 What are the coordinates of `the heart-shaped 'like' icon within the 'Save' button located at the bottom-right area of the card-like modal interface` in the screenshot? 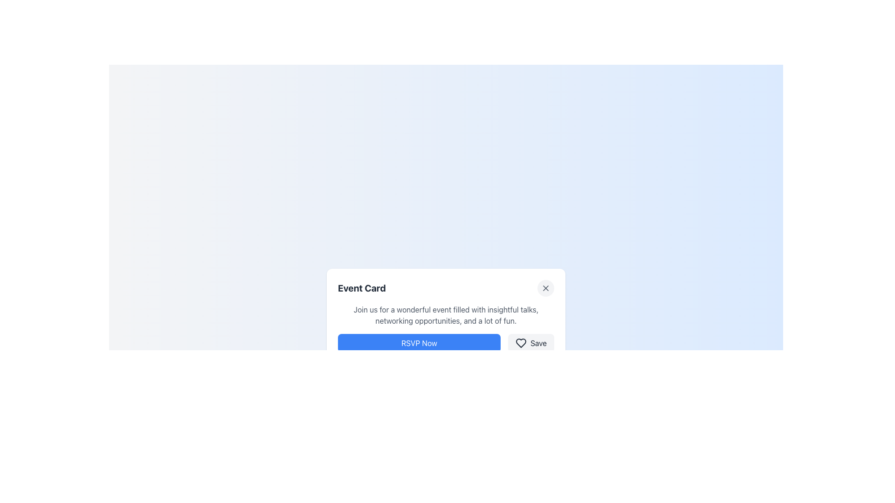 It's located at (521, 343).